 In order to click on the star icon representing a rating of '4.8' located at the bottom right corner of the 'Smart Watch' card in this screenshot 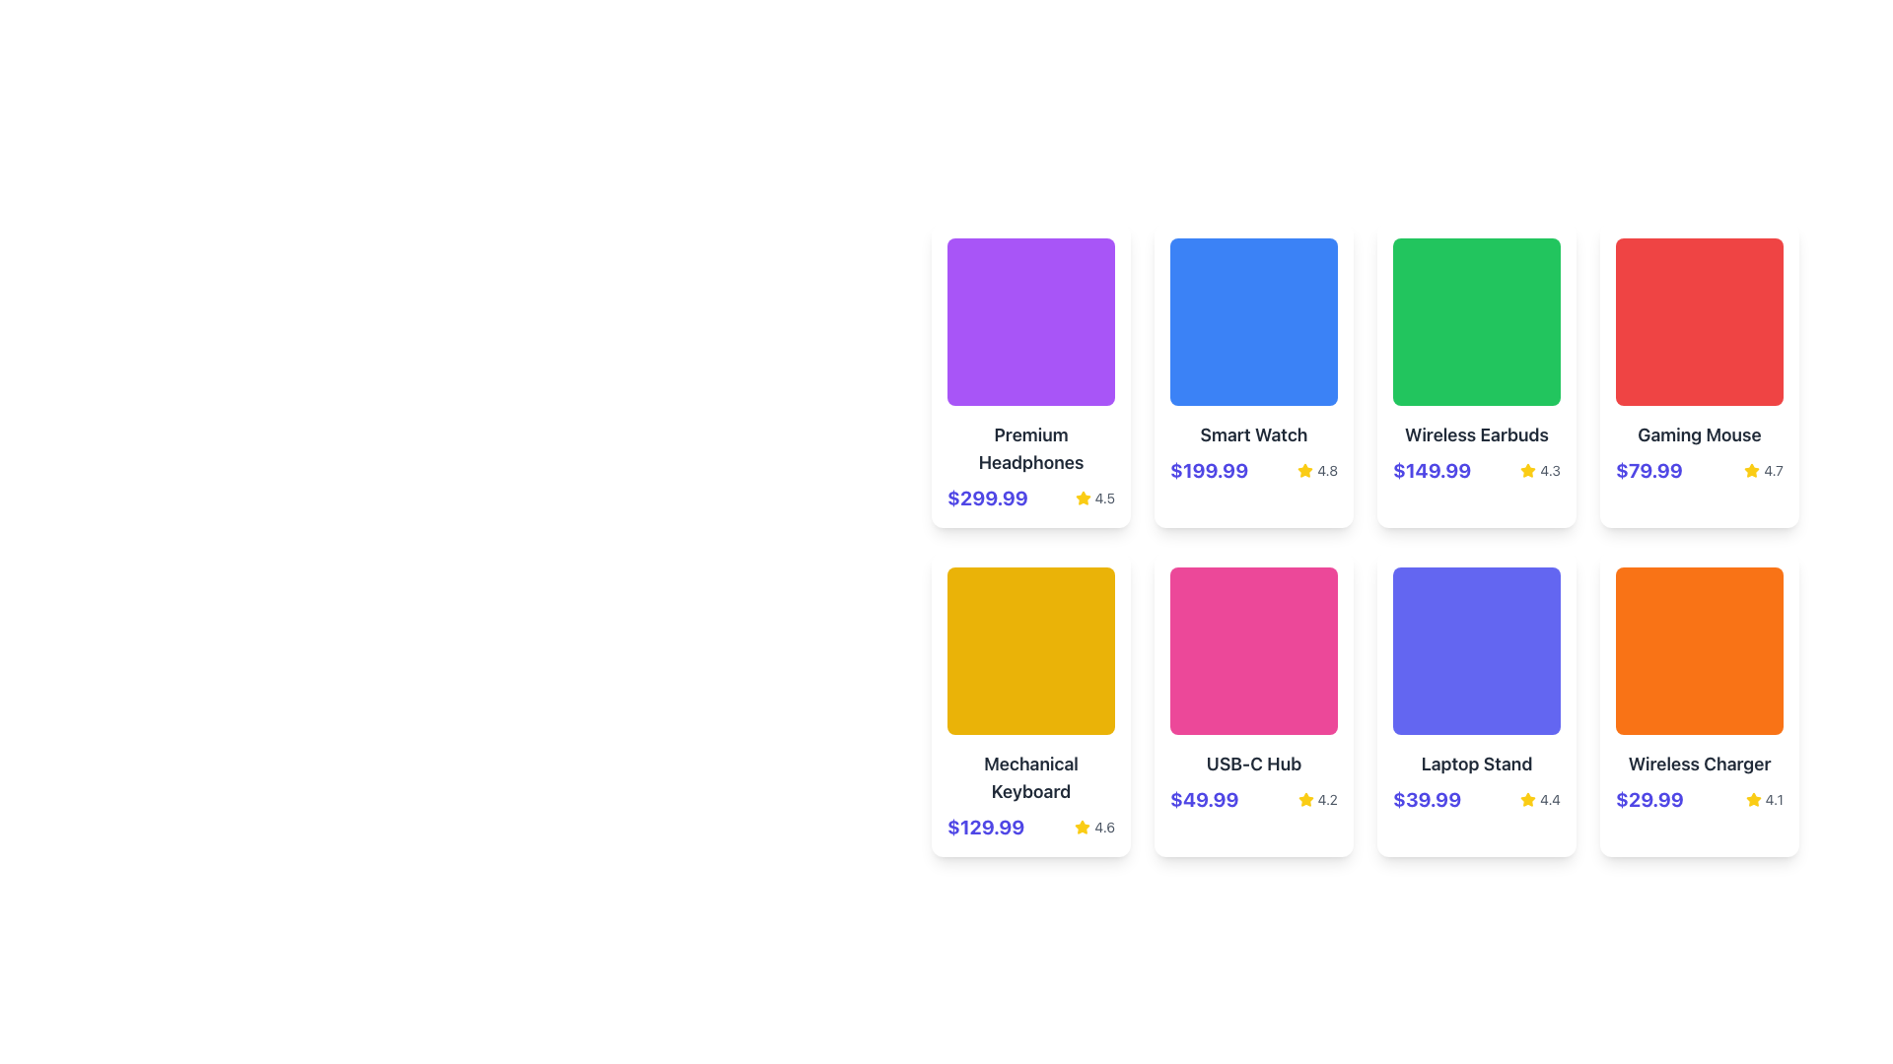, I will do `click(1305, 471)`.